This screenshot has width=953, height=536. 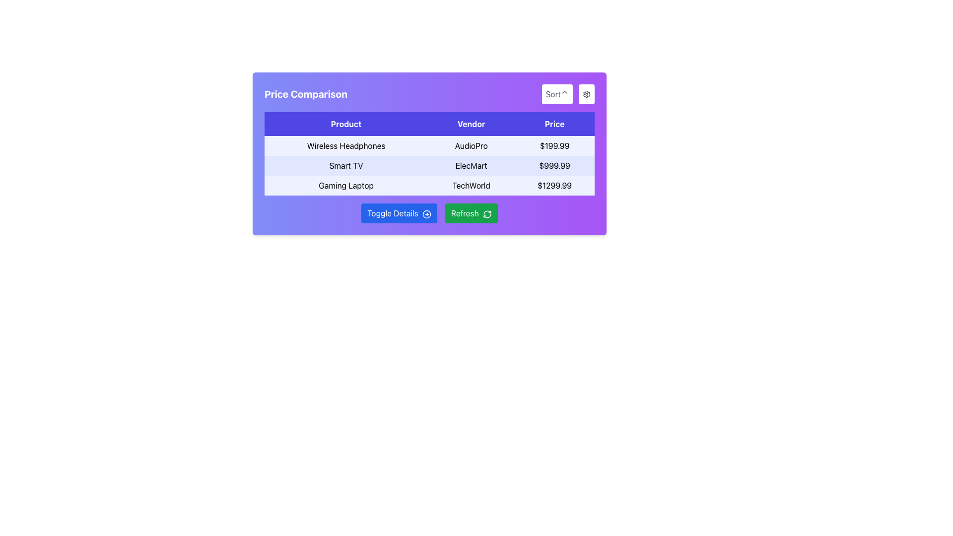 I want to click on the 'Refresh' button, which is a rectangular button with a green background and white text, located to the right of the 'Toggle Details' button below the 'Price Comparison' table, so click(x=471, y=212).